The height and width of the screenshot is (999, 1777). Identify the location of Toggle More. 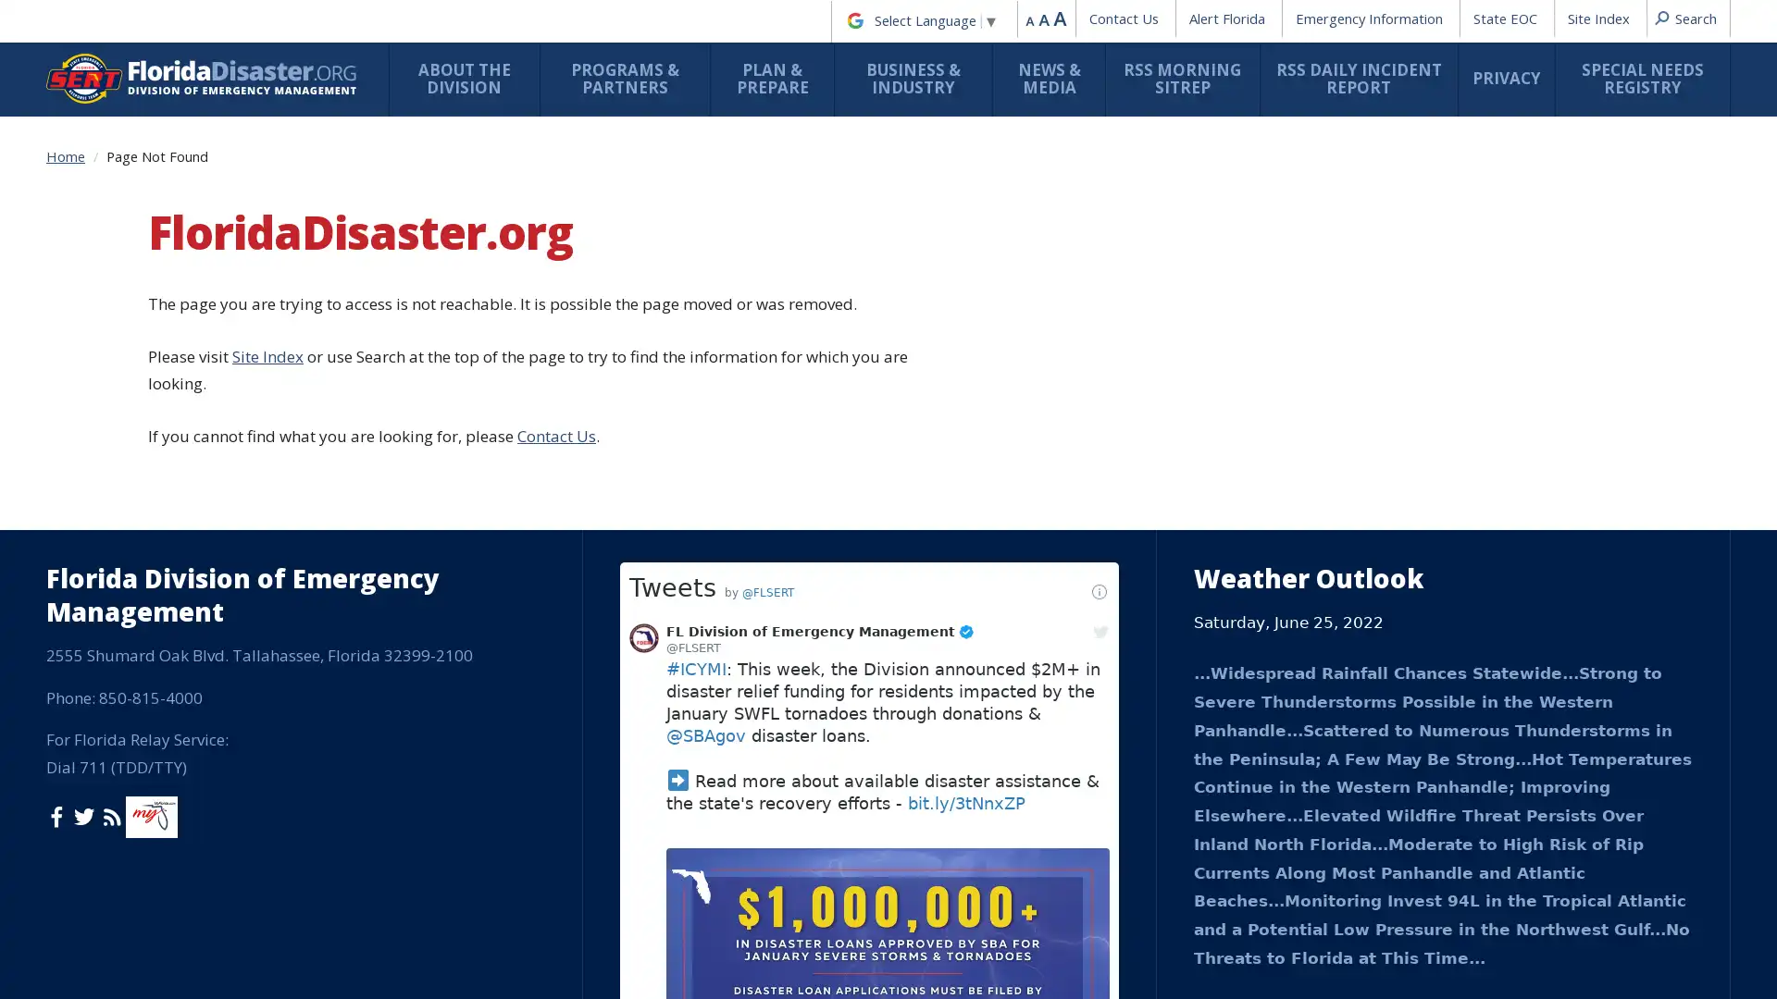
(741, 307).